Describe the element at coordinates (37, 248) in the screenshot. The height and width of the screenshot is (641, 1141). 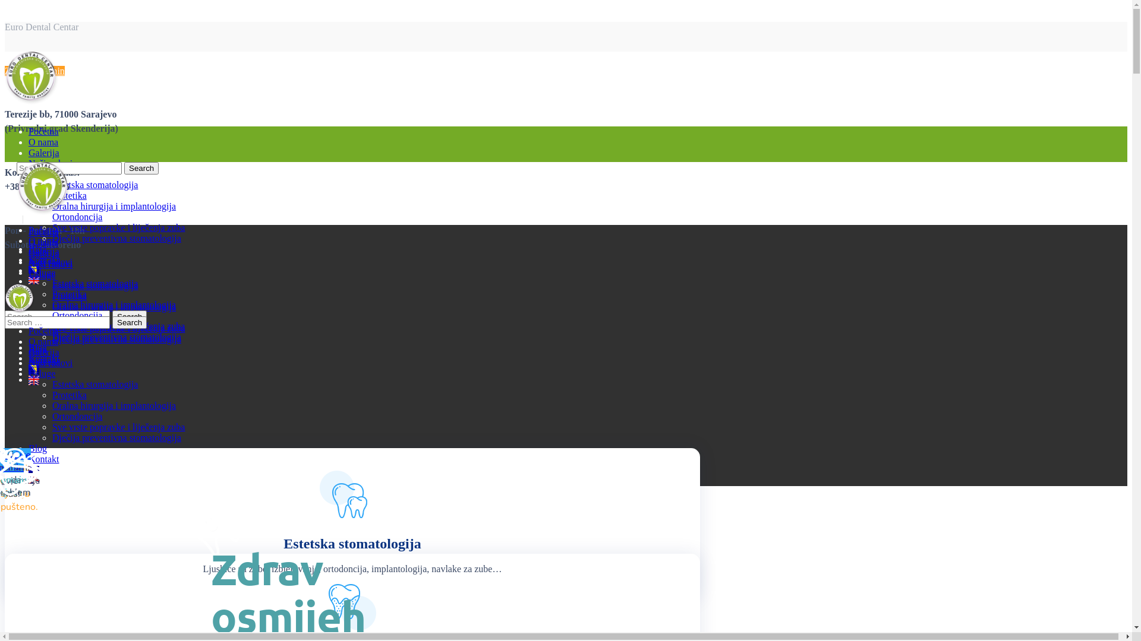
I see `'Blog'` at that location.